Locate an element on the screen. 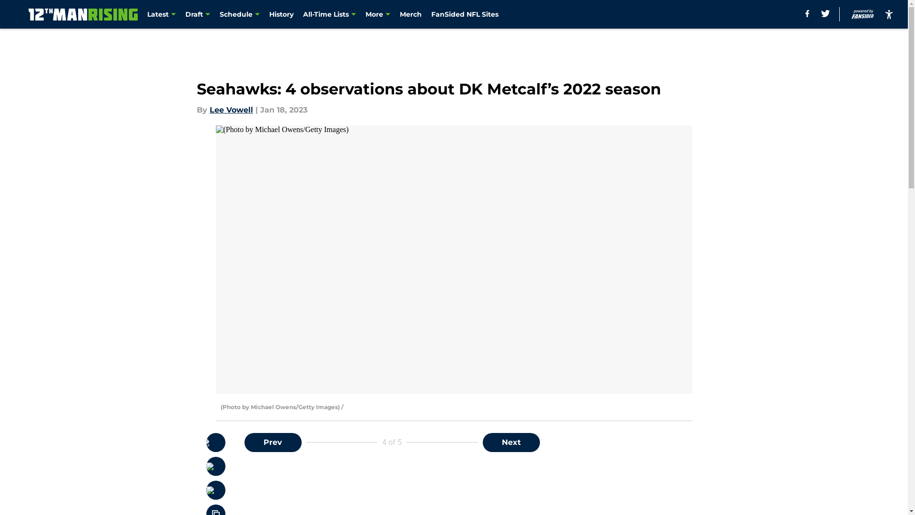 This screenshot has width=915, height=515. 'Prev' is located at coordinates (272, 443).